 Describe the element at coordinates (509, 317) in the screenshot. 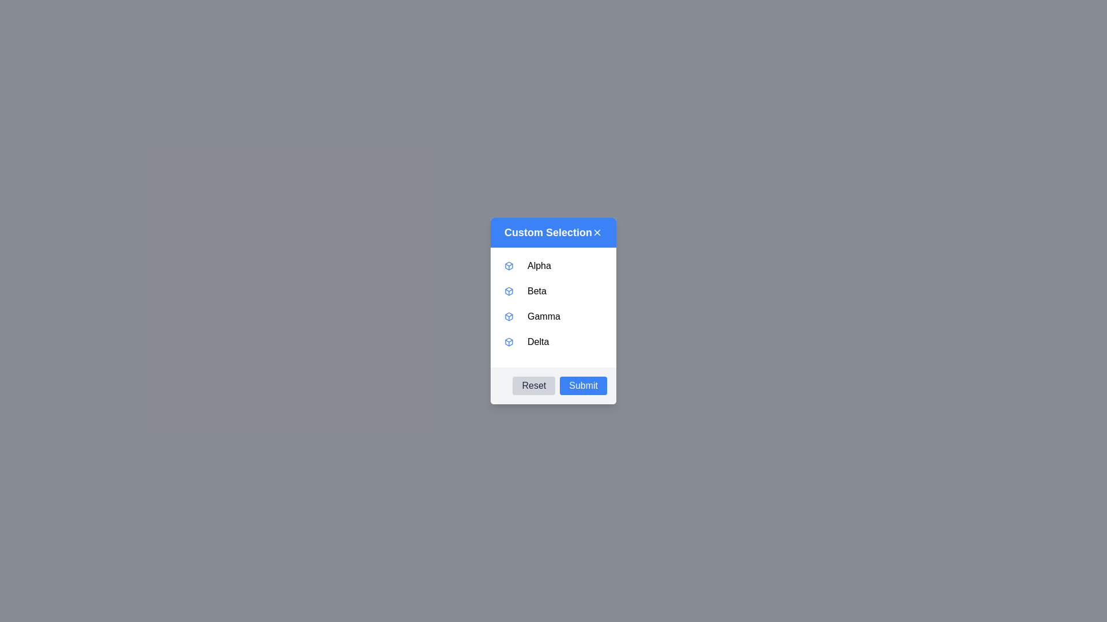

I see `the selection icon representing the 'Gamma' menu option, which visually indicates its selection state` at that location.